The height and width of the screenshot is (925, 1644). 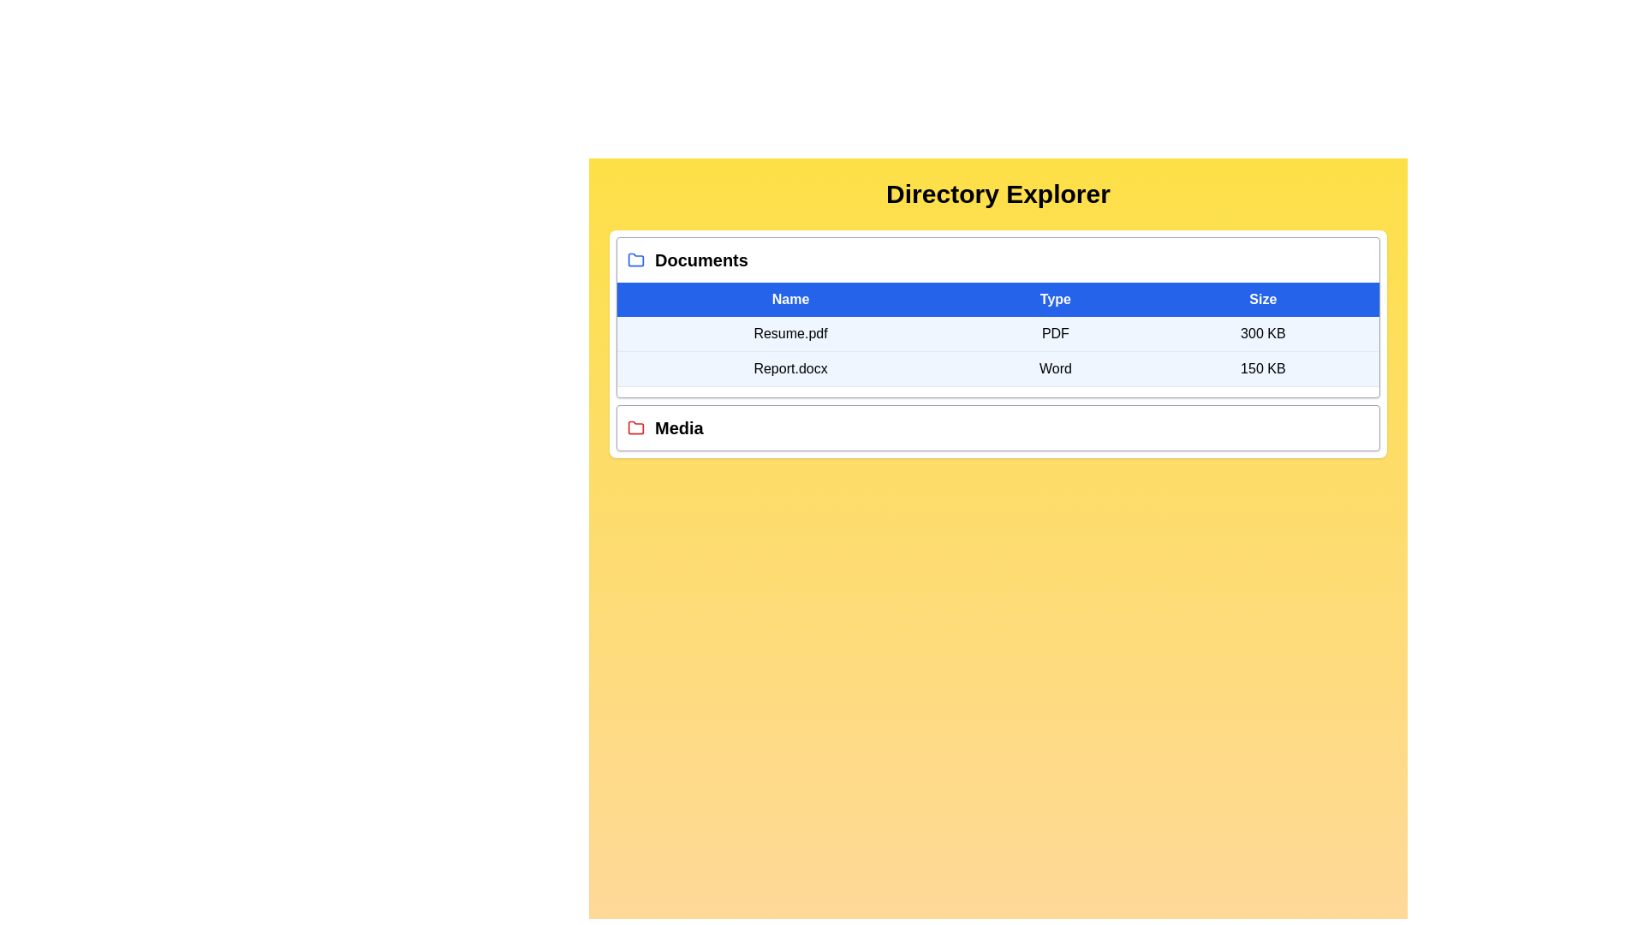 I want to click on the directory title Documents to expand or collapse its contents, so click(x=701, y=260).